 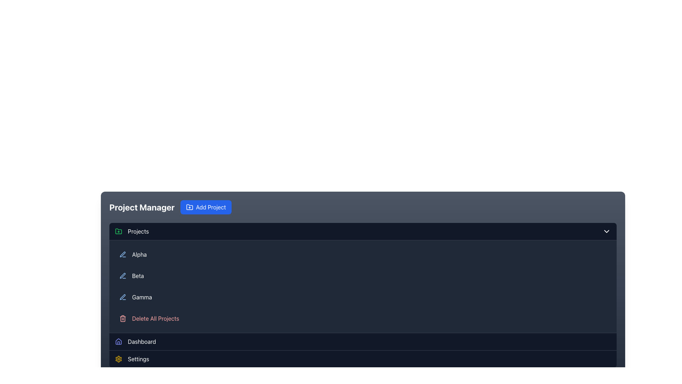 I want to click on the icon representing the 'Add Project' button located at the top-right of the interface, which visually indicates the action of adding a new project, so click(x=189, y=207).